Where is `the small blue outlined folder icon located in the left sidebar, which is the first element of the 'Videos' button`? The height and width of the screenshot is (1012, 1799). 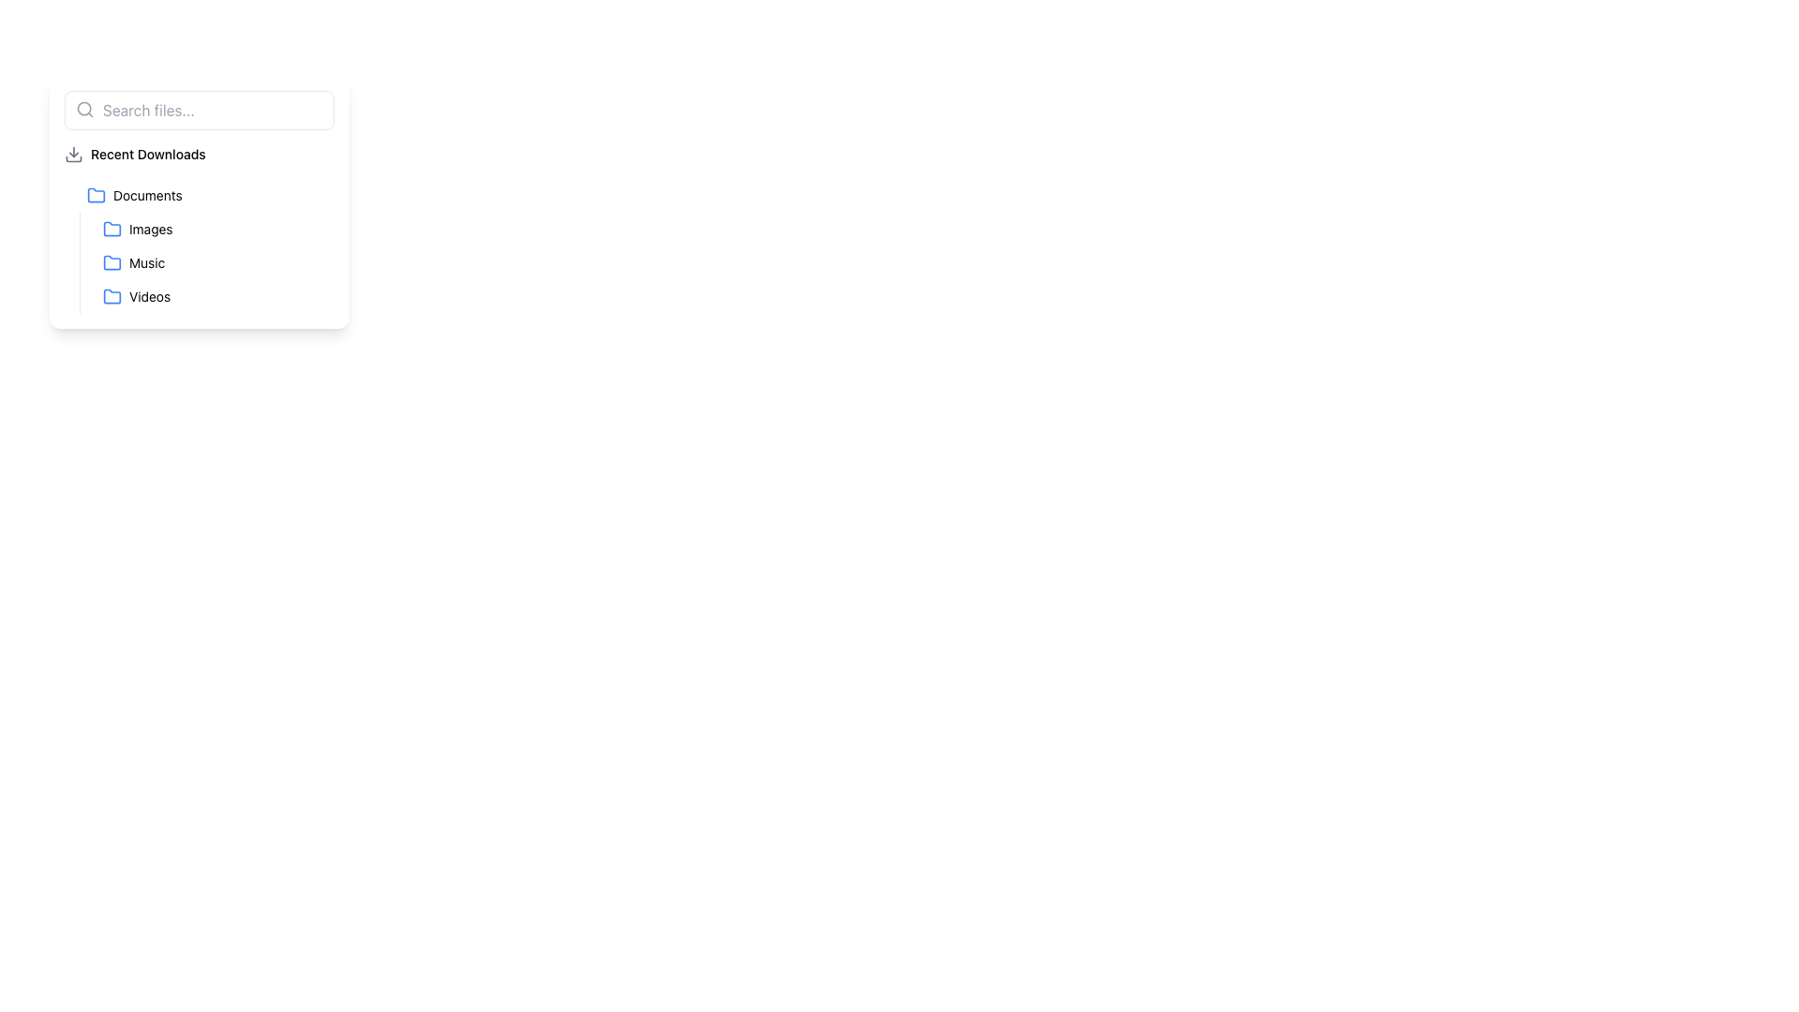
the small blue outlined folder icon located in the left sidebar, which is the first element of the 'Videos' button is located at coordinates (112, 295).